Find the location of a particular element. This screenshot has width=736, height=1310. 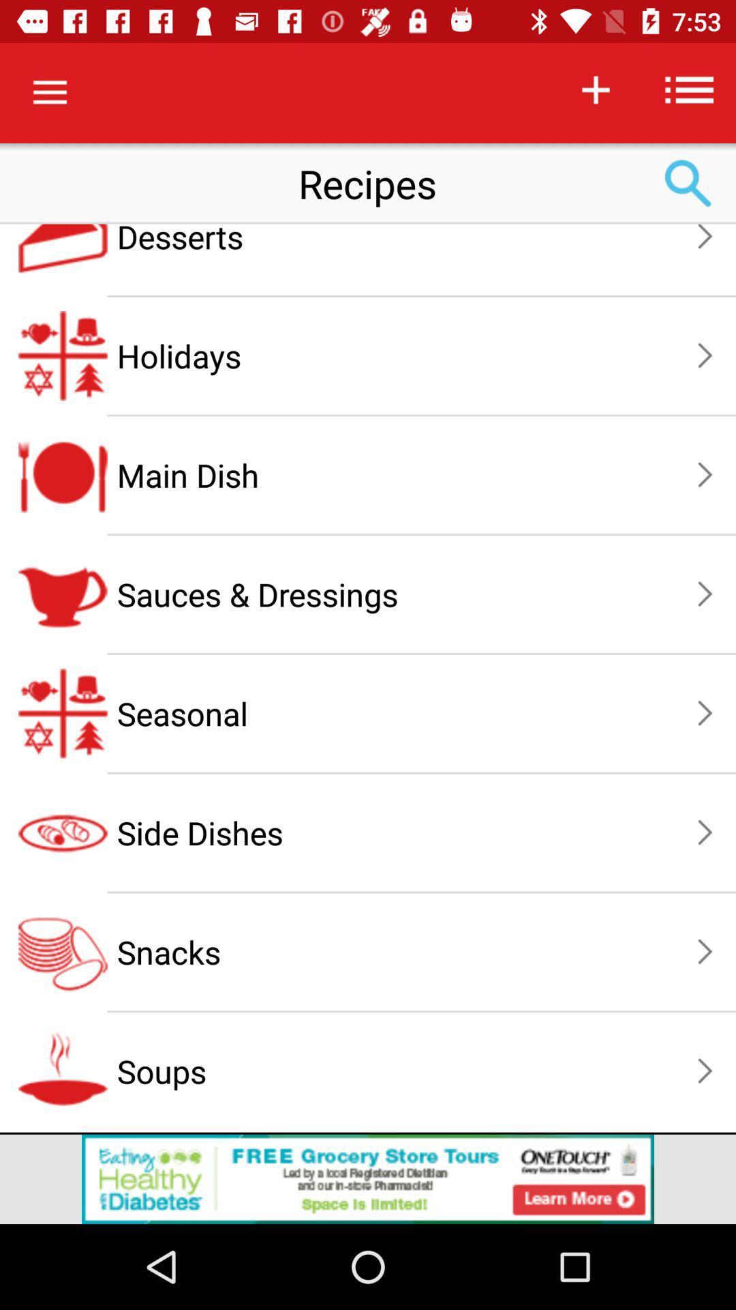

the search icon is located at coordinates (688, 183).